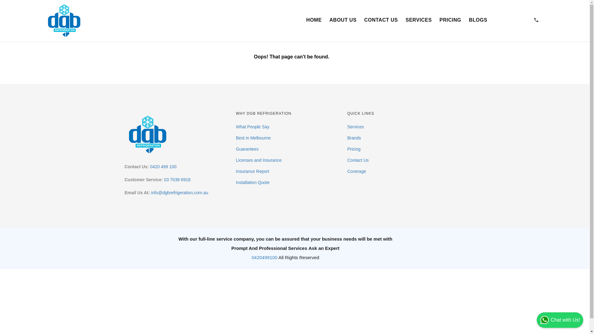 The height and width of the screenshot is (334, 594). I want to click on 'Pricing', so click(354, 149).